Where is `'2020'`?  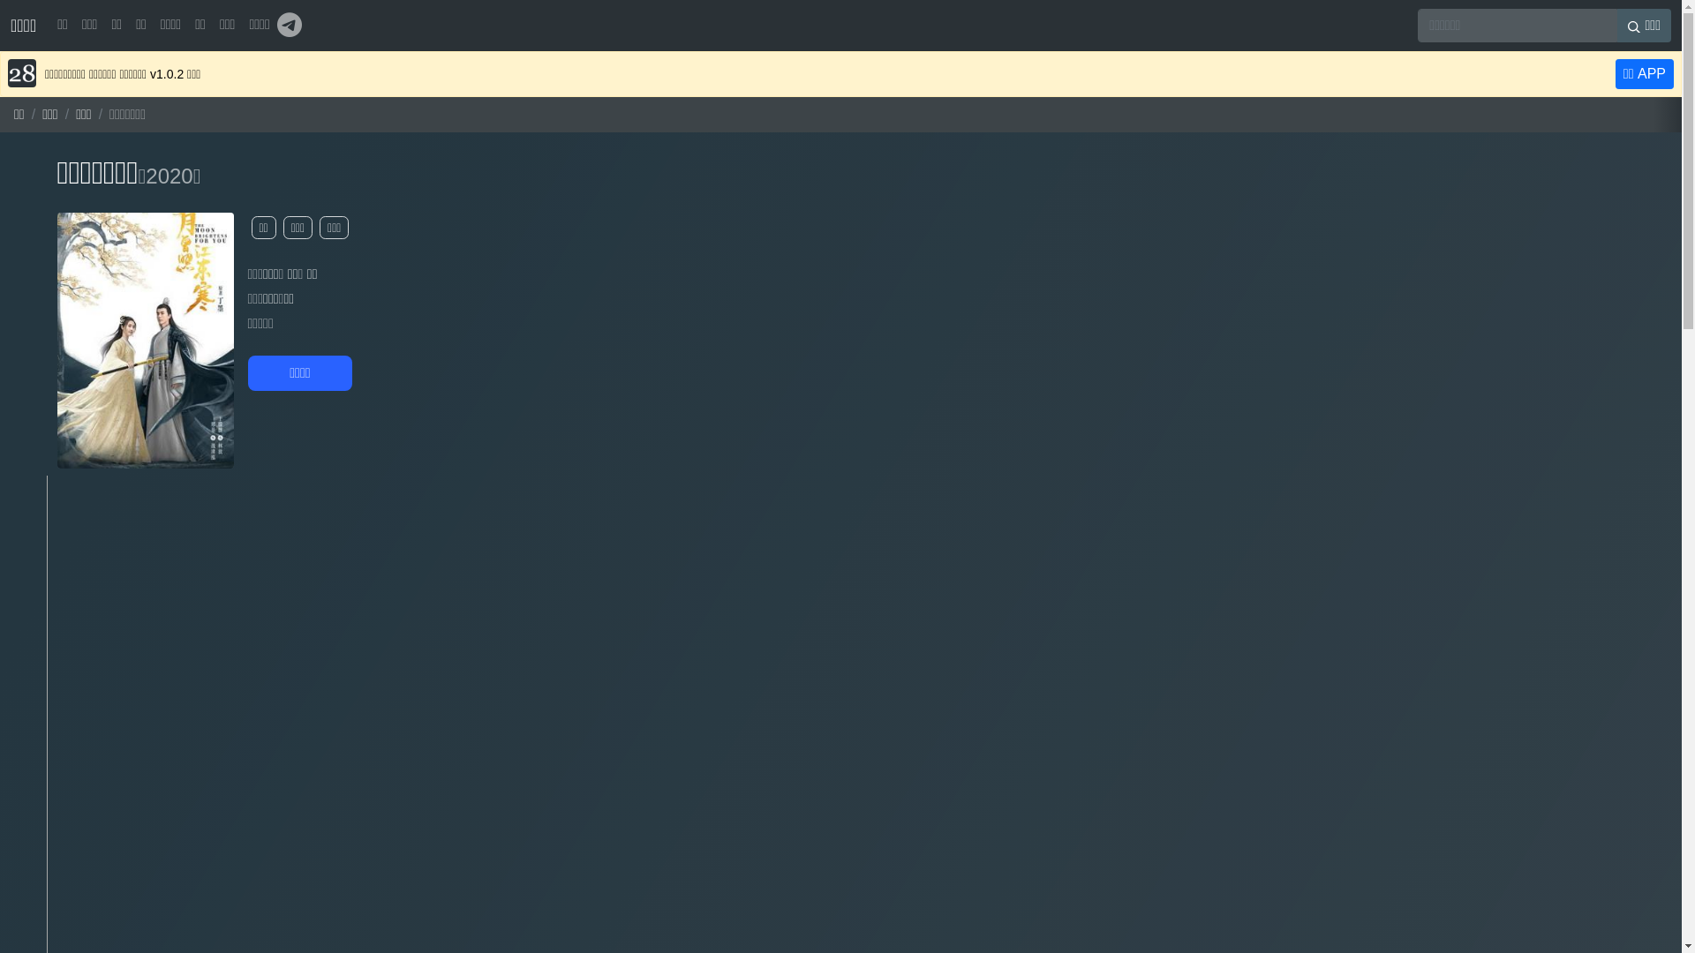
'2020' is located at coordinates (169, 176).